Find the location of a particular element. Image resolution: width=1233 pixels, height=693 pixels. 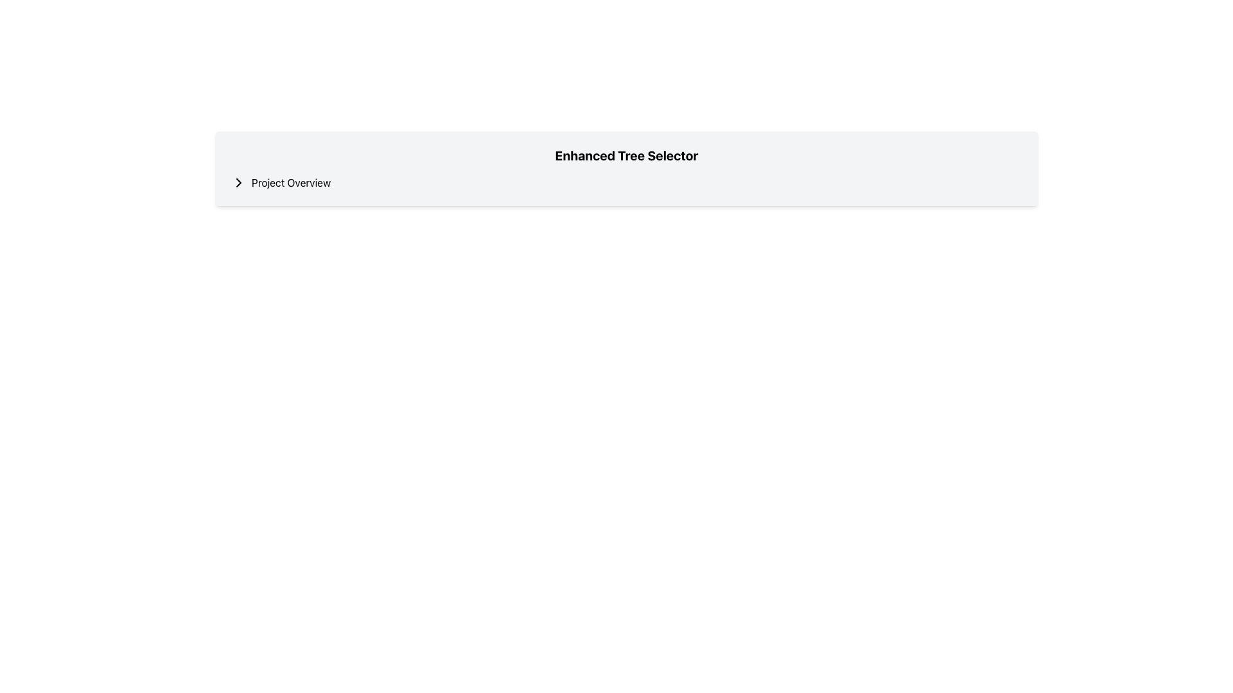

the chevron-shaped icon located to the immediate left of the text 'Project Overview' is located at coordinates (239, 183).